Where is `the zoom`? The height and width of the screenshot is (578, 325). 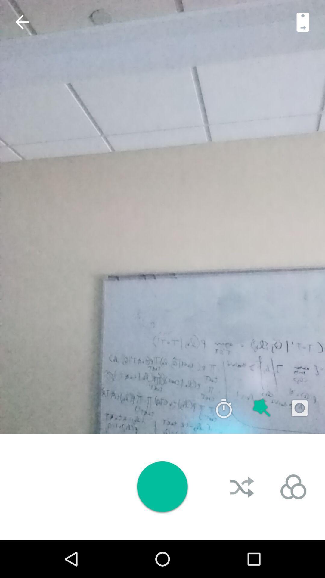
the zoom is located at coordinates (262, 408).